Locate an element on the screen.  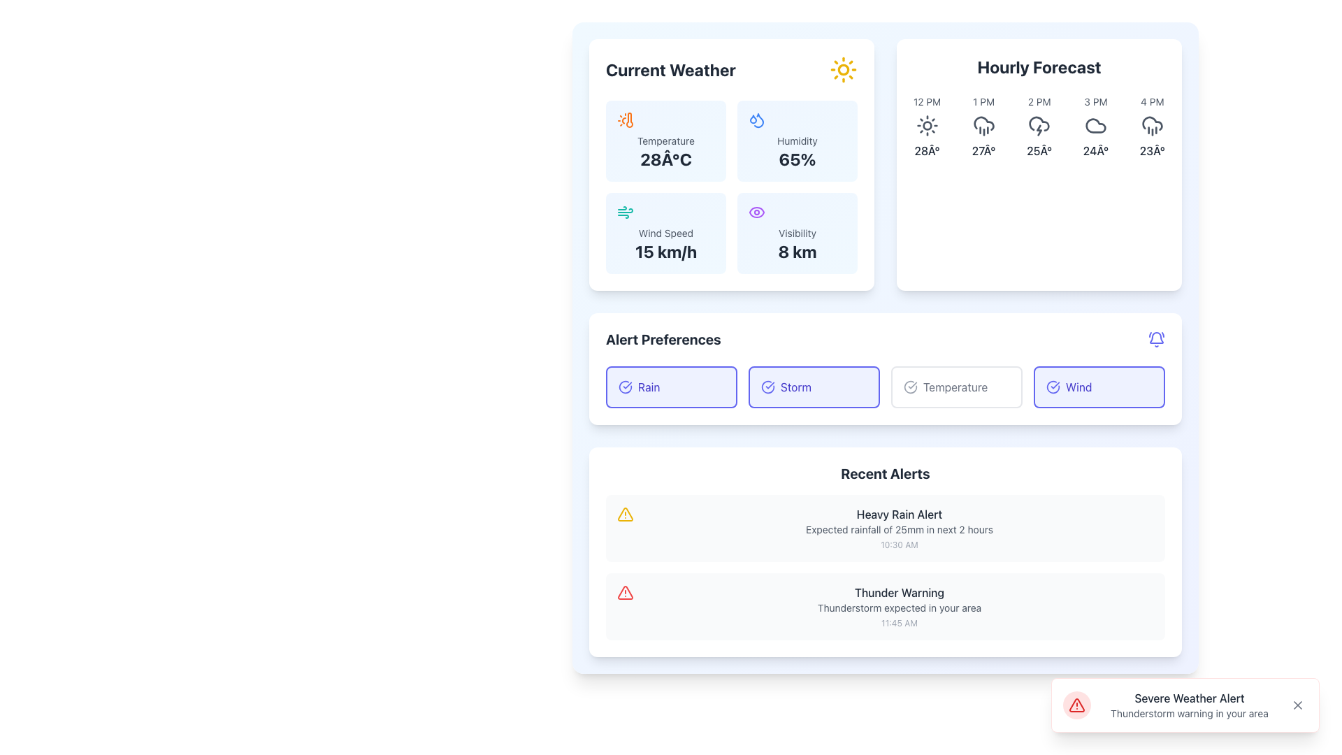
the Text Header element indicating 'Alert Preferences', which is aligned to the left and positioned above the interactive buttons for Rain, Storm, Temperature, and Wind is located at coordinates (663, 340).